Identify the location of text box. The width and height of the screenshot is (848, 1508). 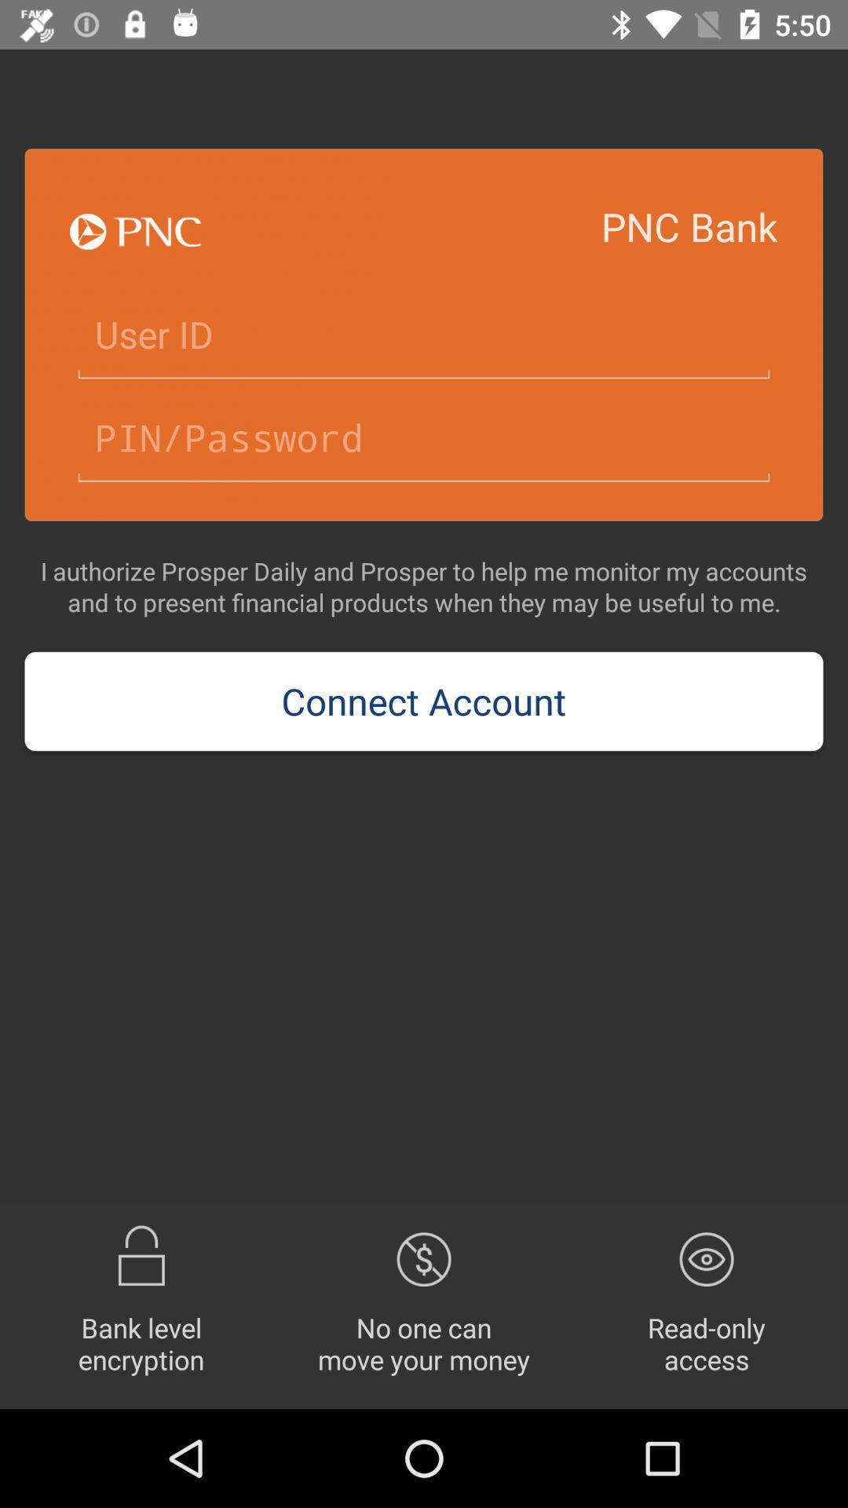
(424, 438).